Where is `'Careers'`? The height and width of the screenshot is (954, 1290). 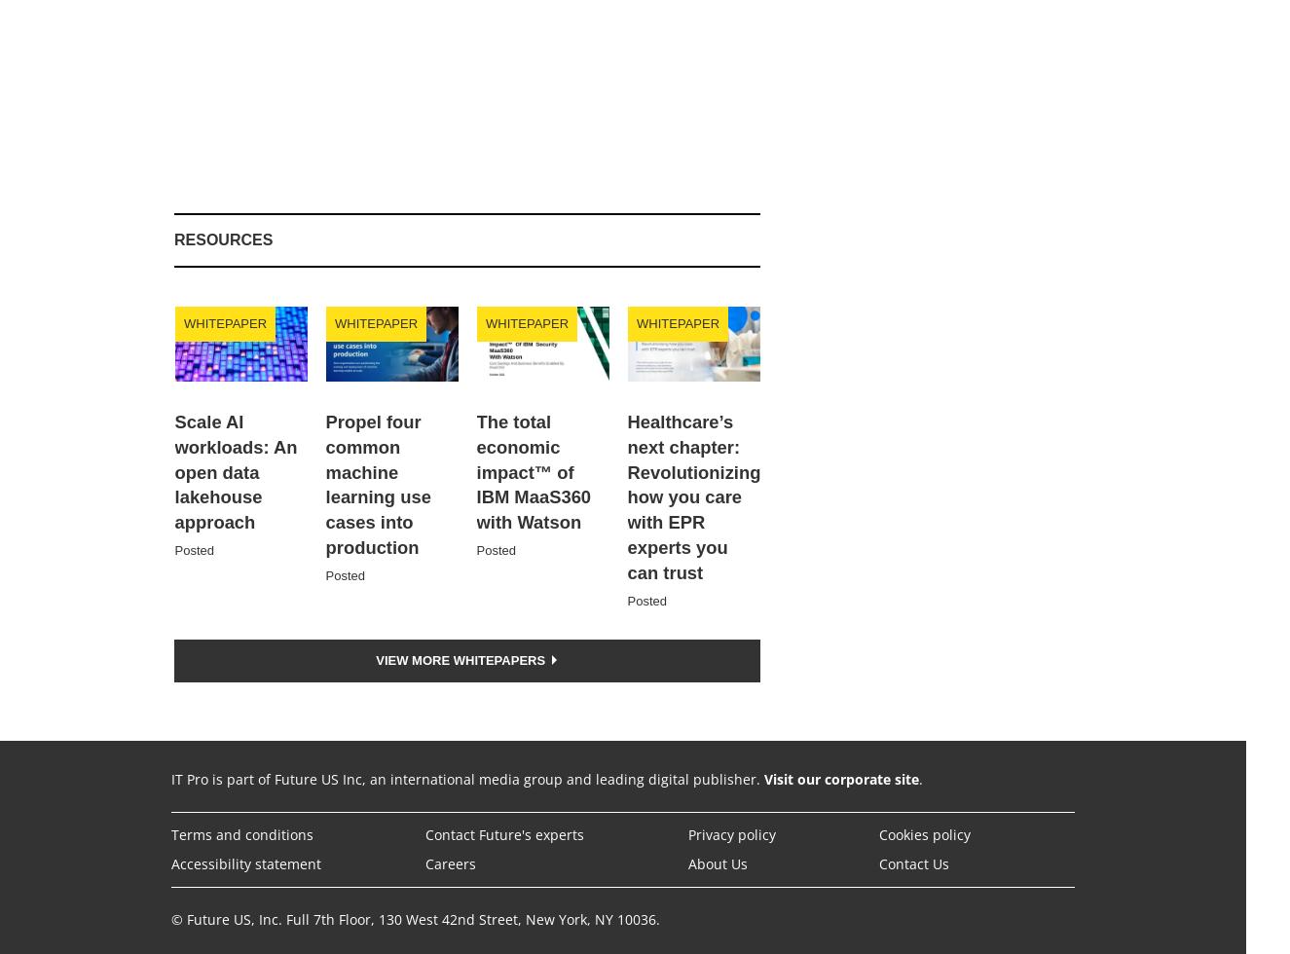 'Careers' is located at coordinates (449, 862).